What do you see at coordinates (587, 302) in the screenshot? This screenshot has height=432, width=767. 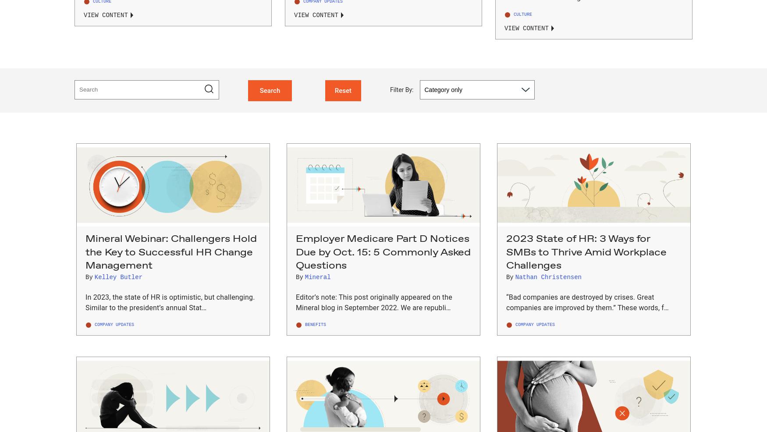 I see `'“Bad companies are destroyed by crises. Great companies are improved by them.”
These words, f…'` at bounding box center [587, 302].